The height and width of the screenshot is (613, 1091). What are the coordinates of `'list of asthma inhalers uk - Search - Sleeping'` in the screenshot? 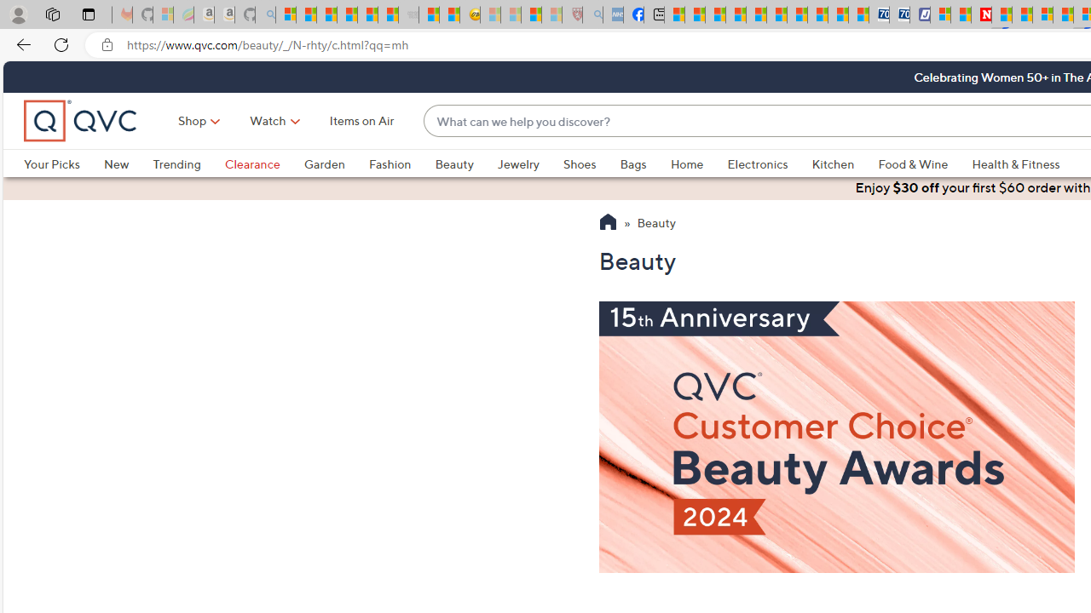 It's located at (592, 14).